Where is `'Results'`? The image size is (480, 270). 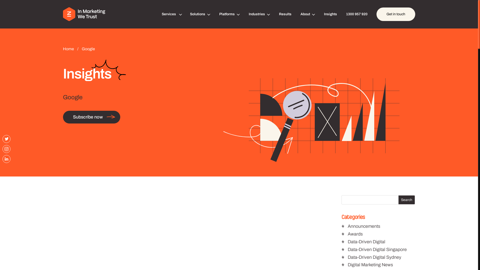 'Results' is located at coordinates (279, 14).